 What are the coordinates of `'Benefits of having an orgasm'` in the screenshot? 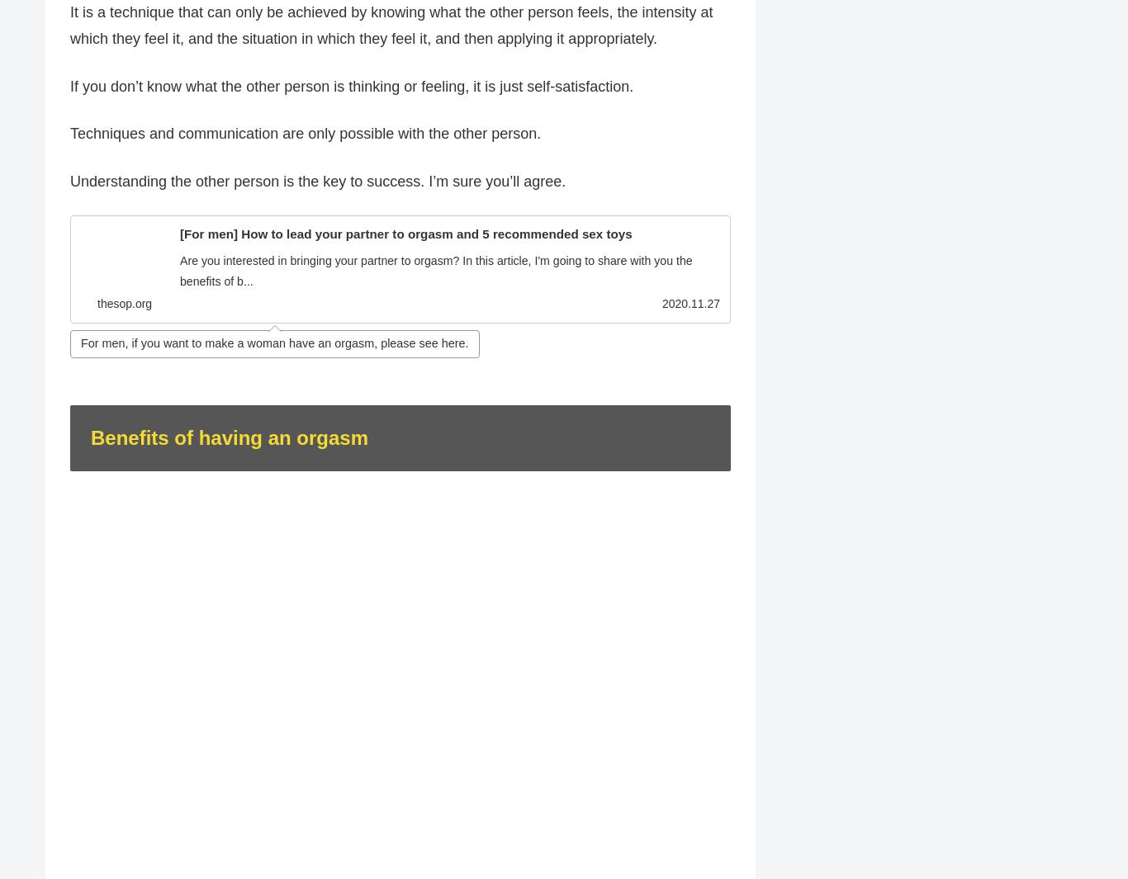 It's located at (229, 437).